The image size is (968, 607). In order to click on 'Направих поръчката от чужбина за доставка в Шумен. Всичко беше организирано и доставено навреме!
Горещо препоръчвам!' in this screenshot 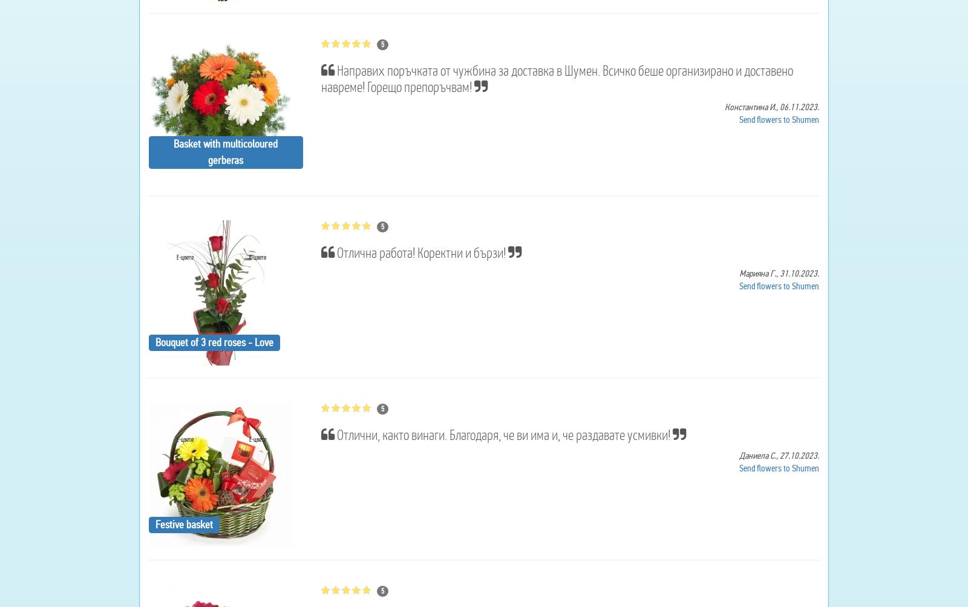, I will do `click(319, 77)`.